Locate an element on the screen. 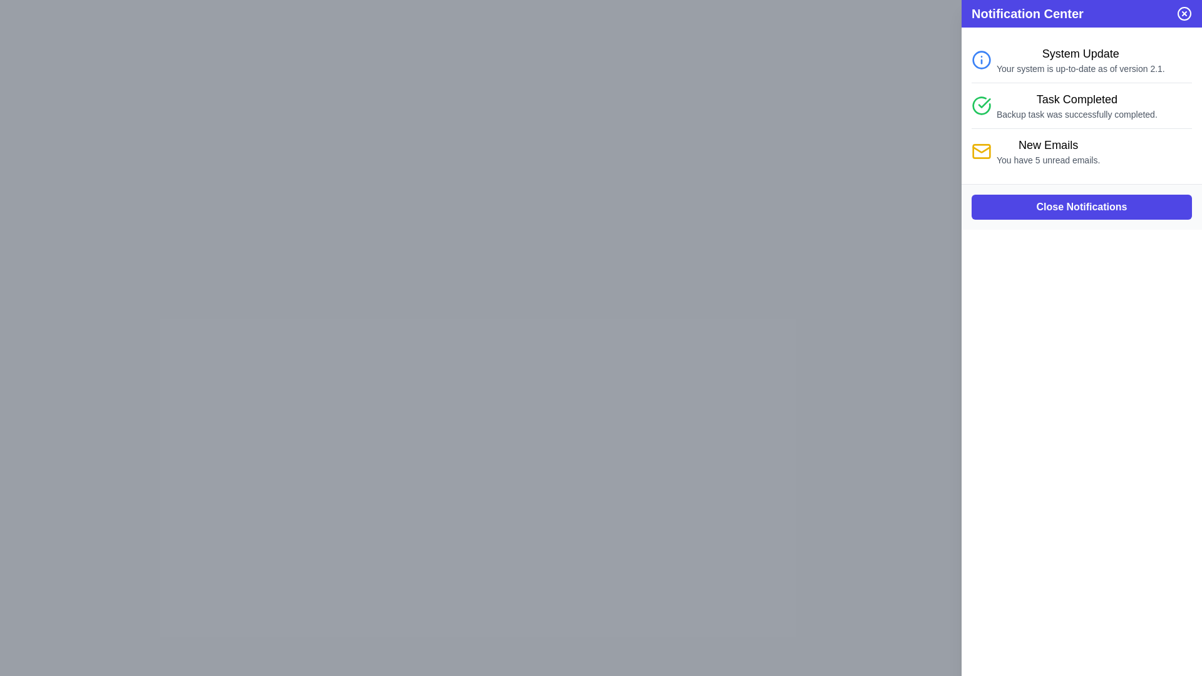 This screenshot has height=676, width=1202. the 'System Update' notification item in the Notification Center is located at coordinates (1081, 60).